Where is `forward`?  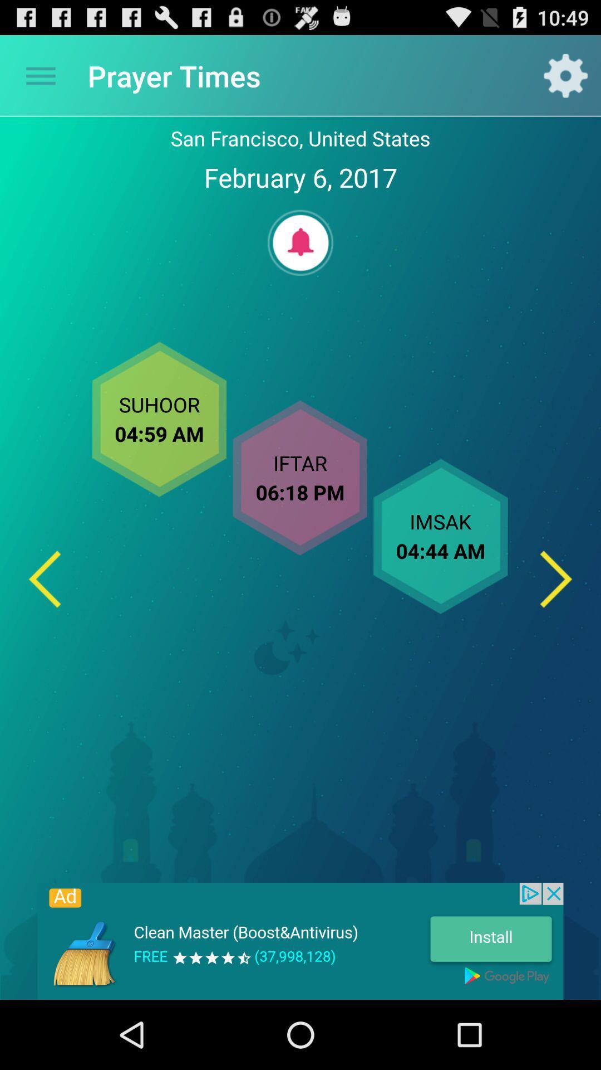
forward is located at coordinates (556, 579).